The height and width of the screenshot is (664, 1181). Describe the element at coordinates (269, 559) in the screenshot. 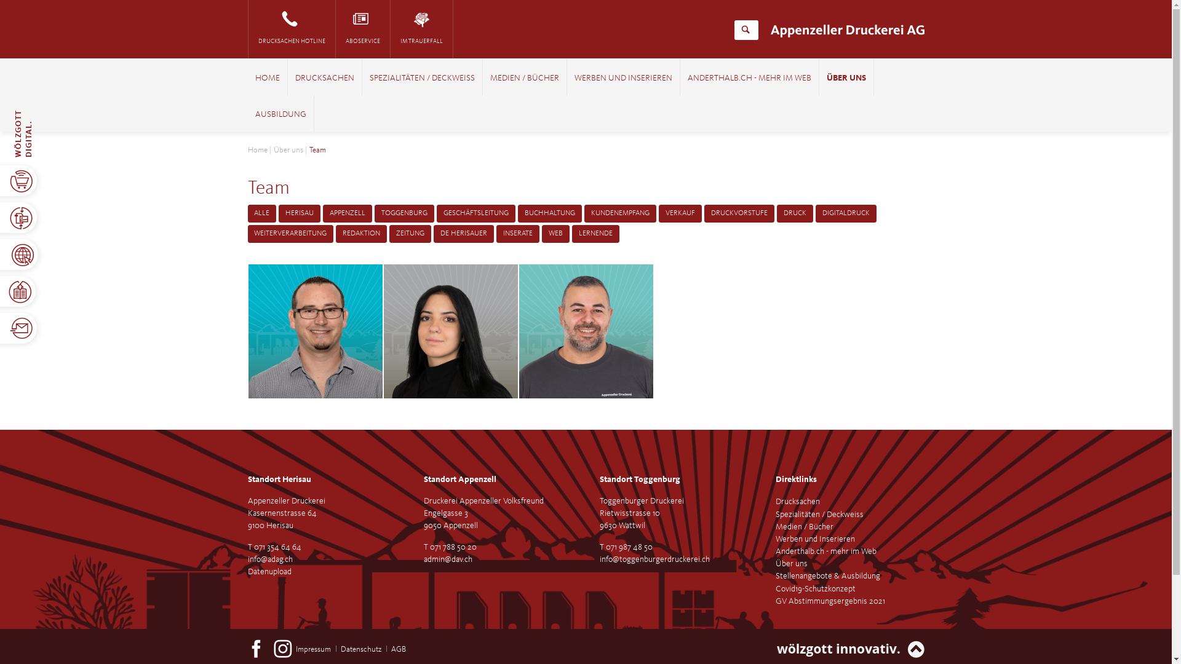

I see `'info@adag.ch'` at that location.